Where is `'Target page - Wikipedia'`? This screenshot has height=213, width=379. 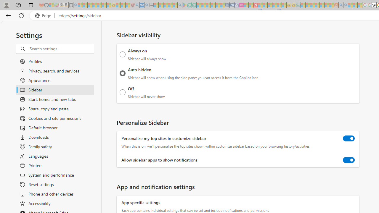 'Target page - Wikipedia' is located at coordinates (374, 5).